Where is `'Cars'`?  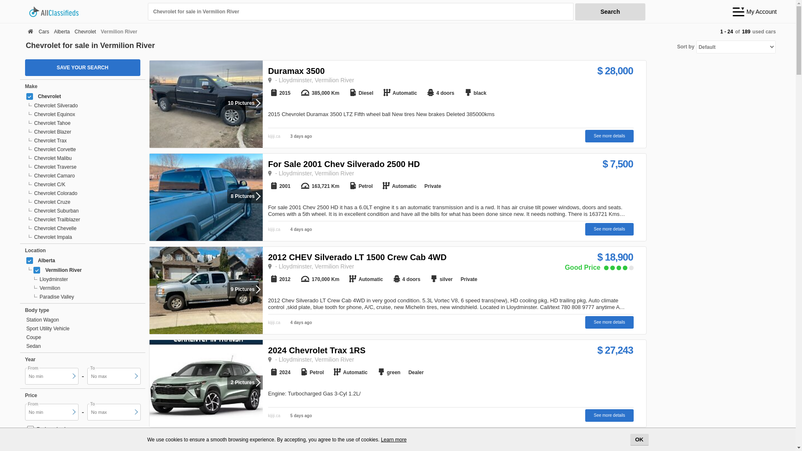 'Cars' is located at coordinates (43, 31).